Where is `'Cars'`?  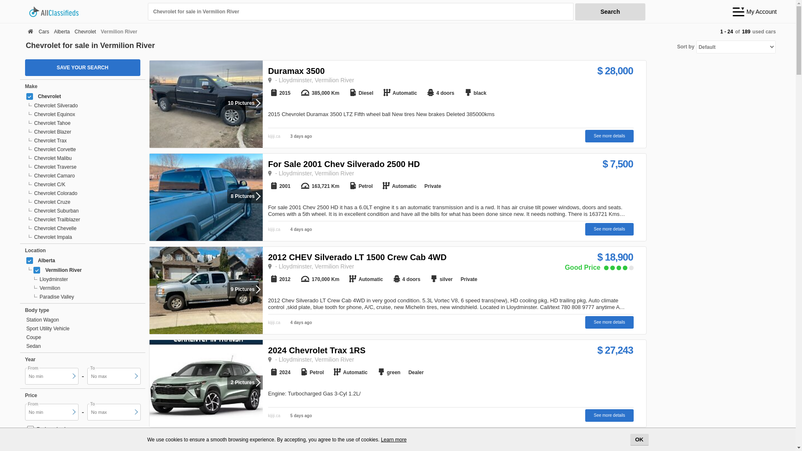 'Cars' is located at coordinates (43, 31).